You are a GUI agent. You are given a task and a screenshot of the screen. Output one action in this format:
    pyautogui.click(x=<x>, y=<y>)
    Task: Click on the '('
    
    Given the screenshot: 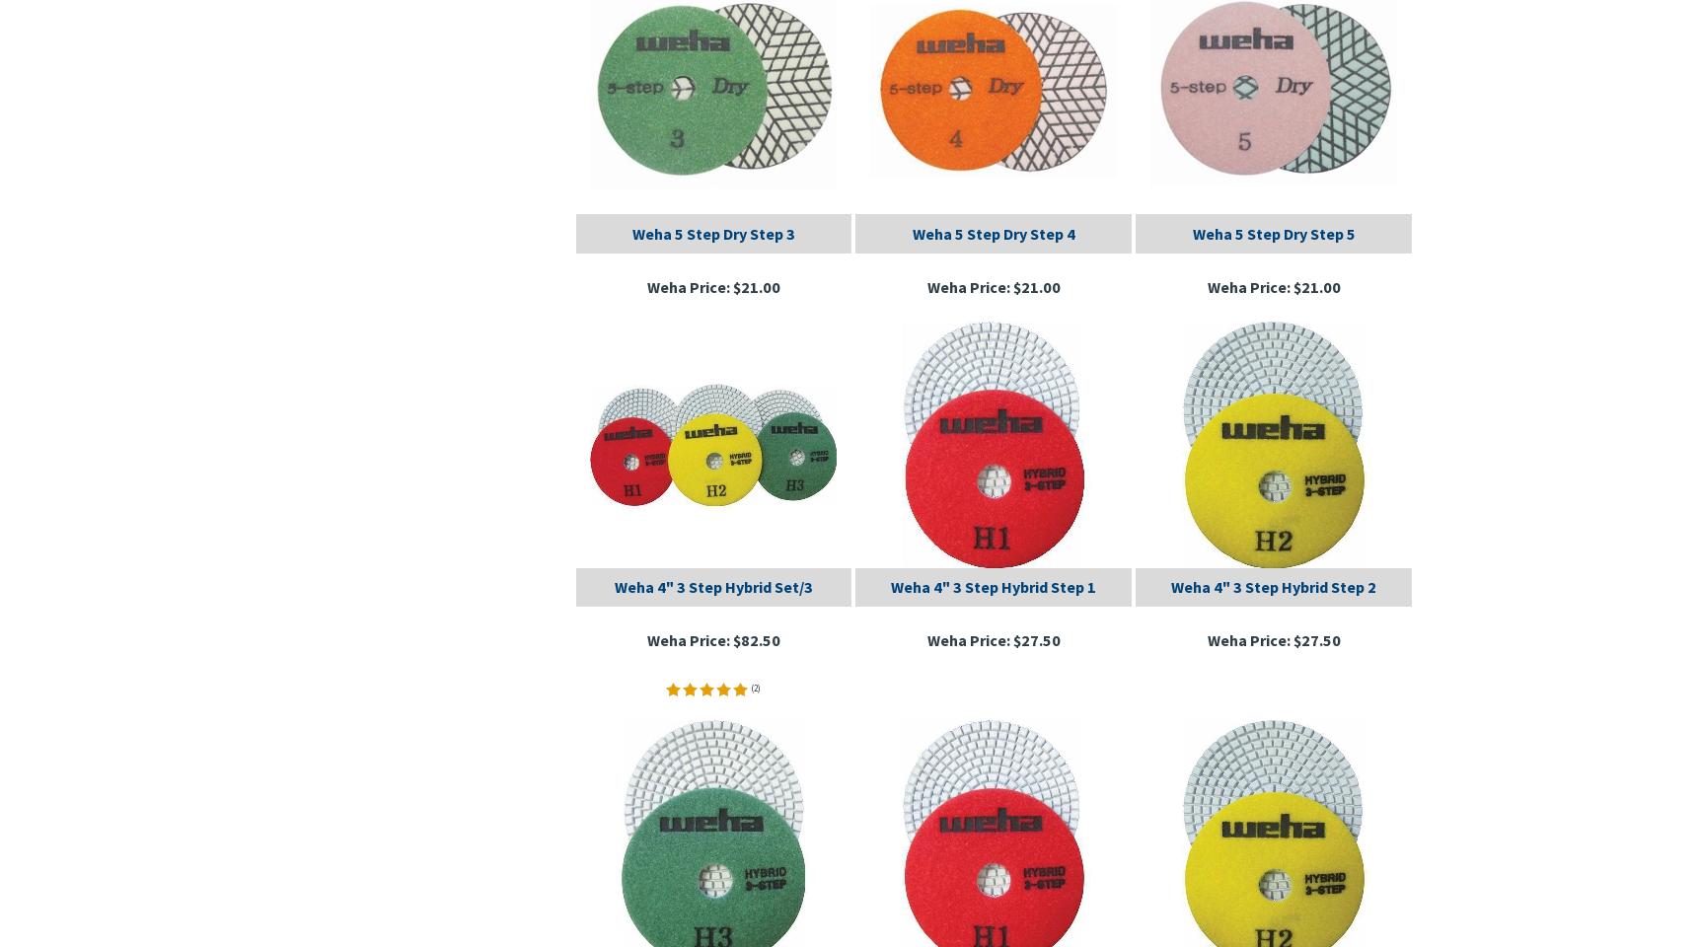 What is the action you would take?
    pyautogui.click(x=752, y=687)
    